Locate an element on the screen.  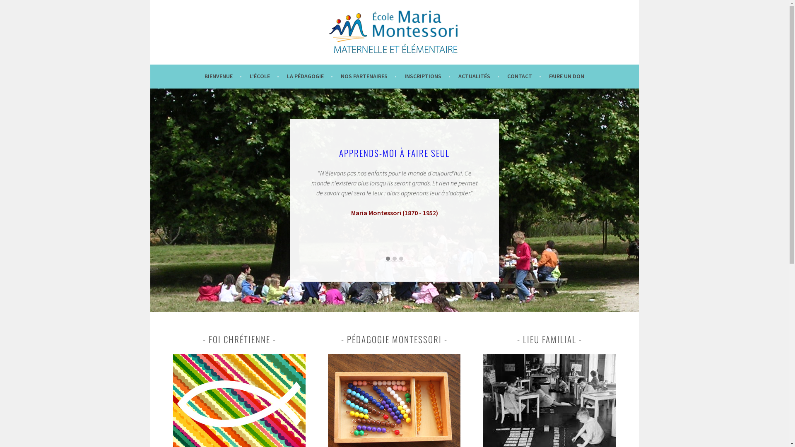
'BIENVENUE' is located at coordinates (223, 76).